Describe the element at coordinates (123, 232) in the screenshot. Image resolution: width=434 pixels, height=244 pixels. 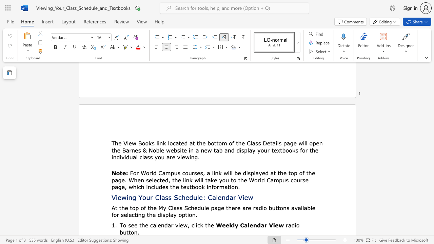
I see `the subset text "utto" within the text "radio button."` at that location.